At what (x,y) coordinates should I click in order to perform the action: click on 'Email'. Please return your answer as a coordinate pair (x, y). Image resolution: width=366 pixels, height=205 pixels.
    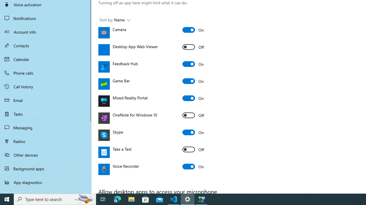
    Looking at the image, I should click on (46, 100).